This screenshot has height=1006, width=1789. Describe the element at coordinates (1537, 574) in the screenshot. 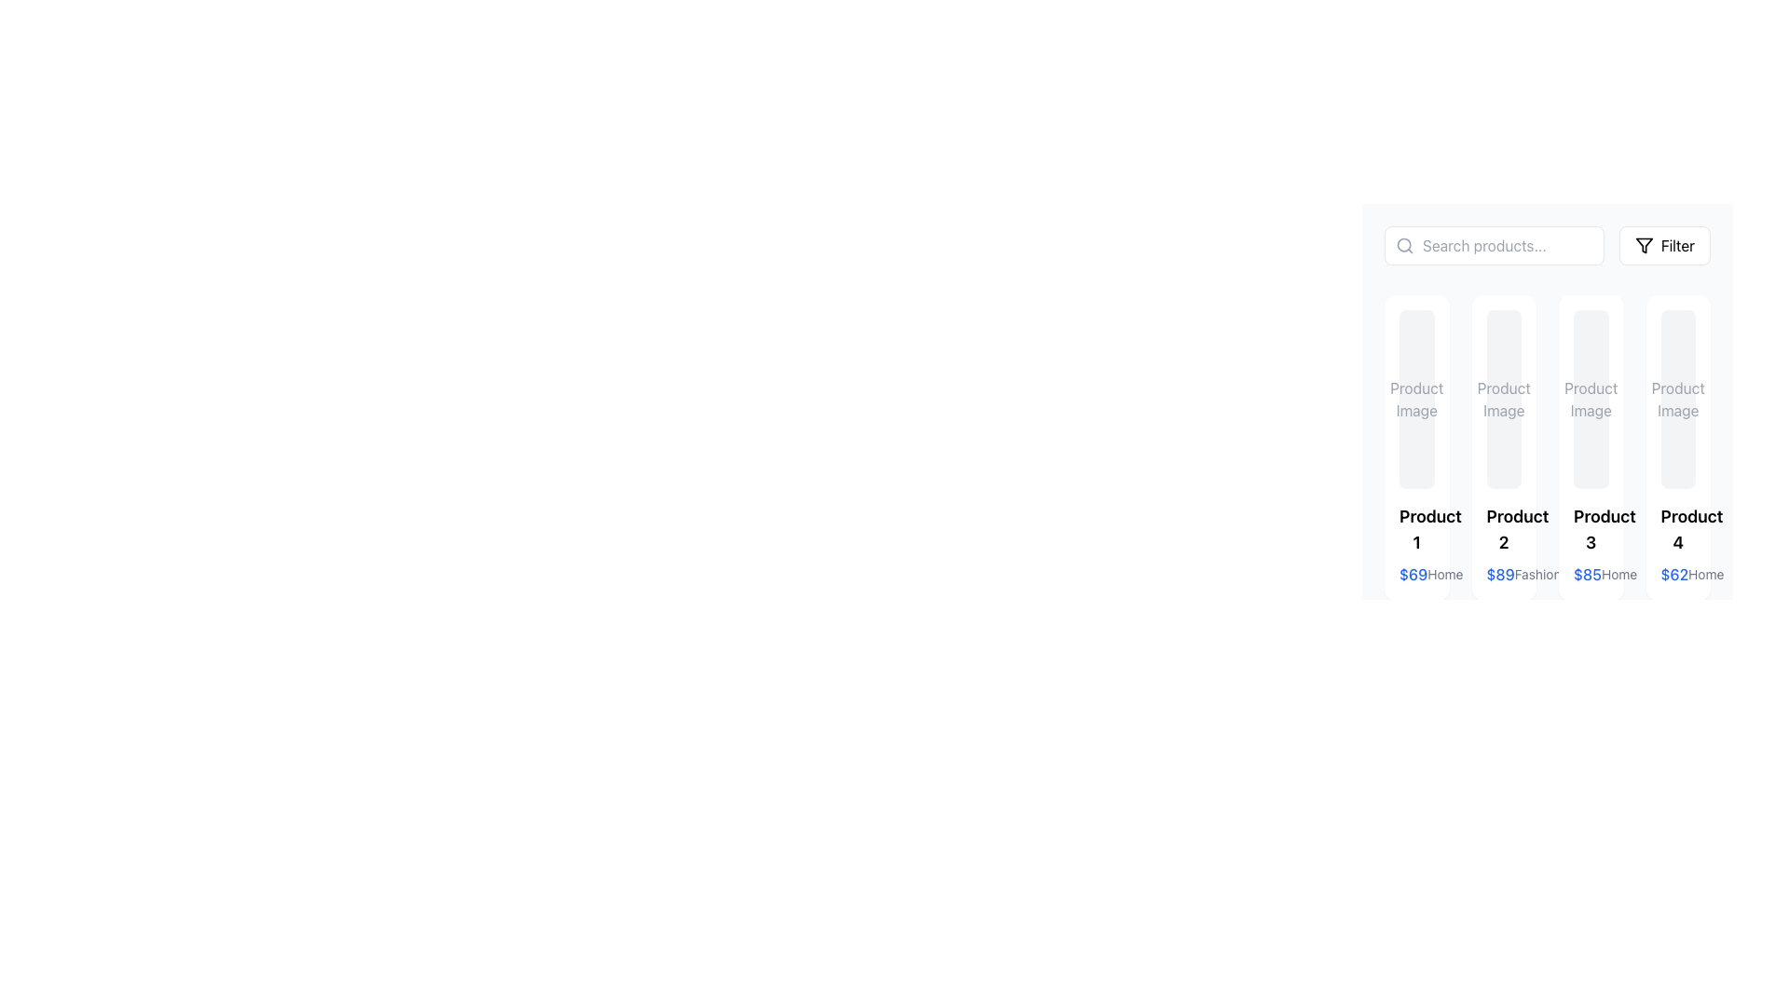

I see `the text label that provides additional contextual information about 'Product 2', located immediately to the right of the '$89' label` at that location.